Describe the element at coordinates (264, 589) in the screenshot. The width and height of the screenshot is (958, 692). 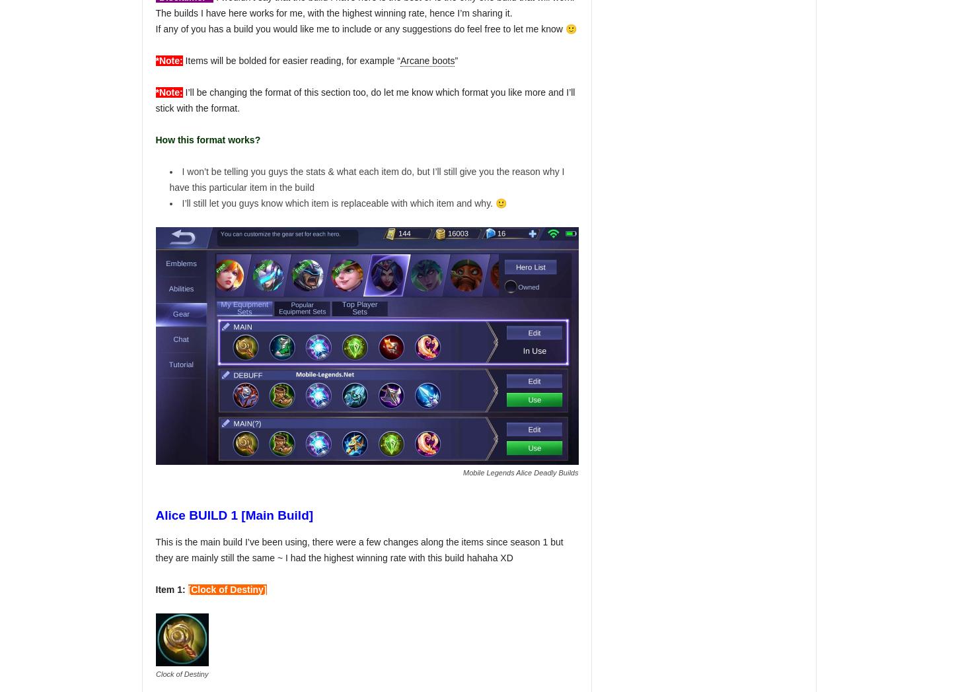
I see `']'` at that location.